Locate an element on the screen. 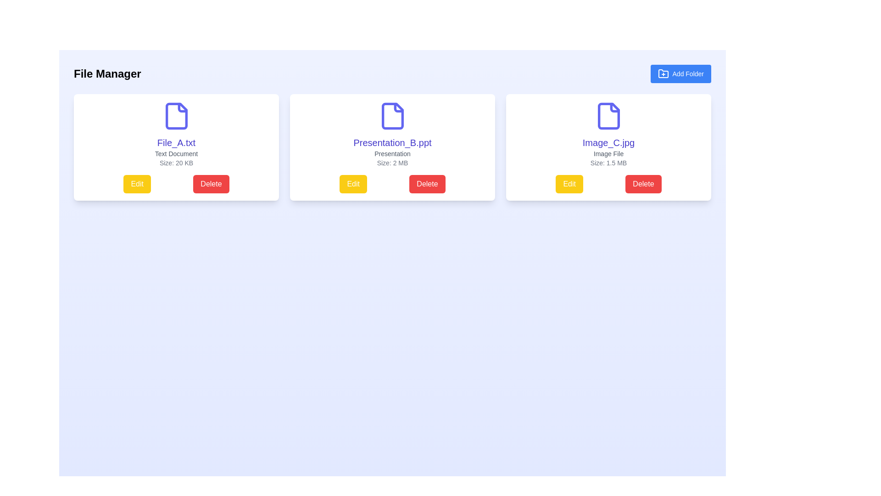 This screenshot has width=881, height=496. the stylized document icon with a blue outline representing the file 'Image_C.jpg' located in the upper area of the third card in a three-column layout is located at coordinates (608, 116).